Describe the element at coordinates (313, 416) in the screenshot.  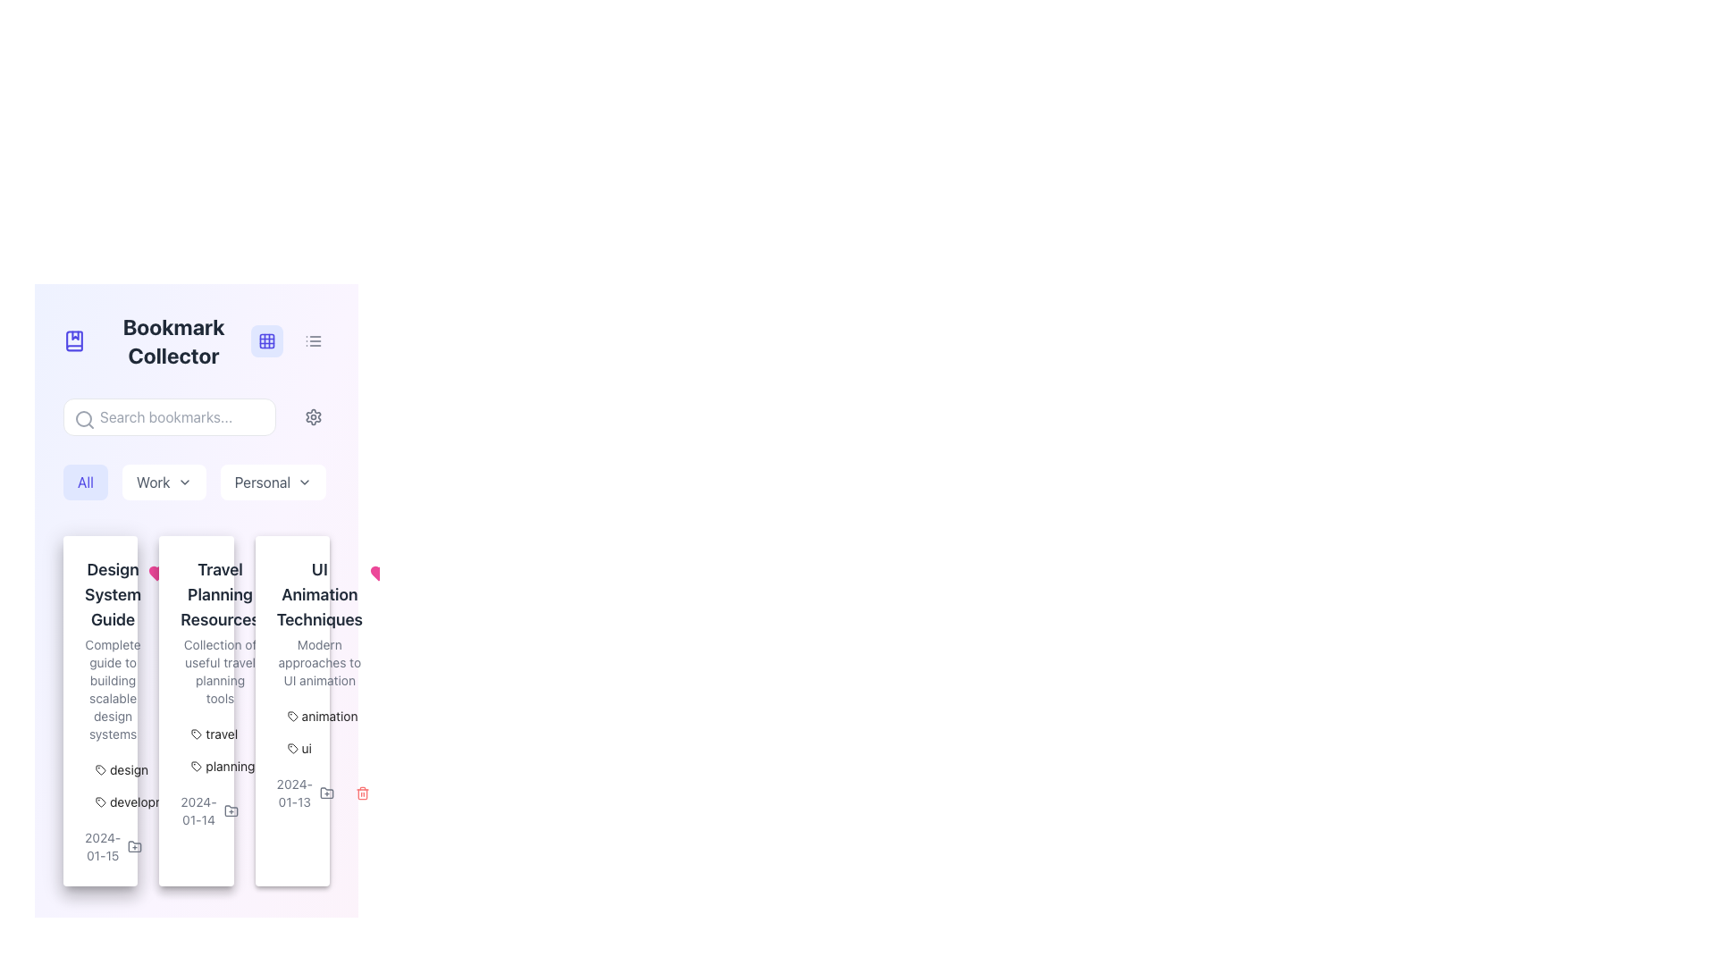
I see `the settings button located in the top-right corner of the interface, adjacent to the search bar` at that location.